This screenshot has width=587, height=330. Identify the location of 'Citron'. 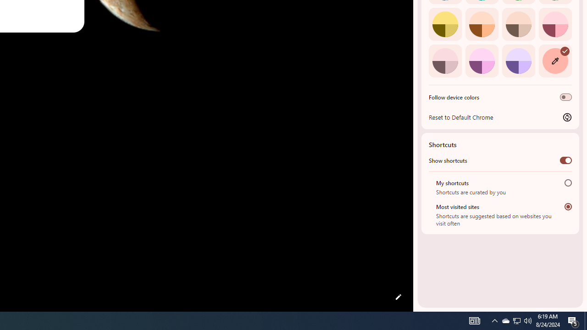
(445, 23).